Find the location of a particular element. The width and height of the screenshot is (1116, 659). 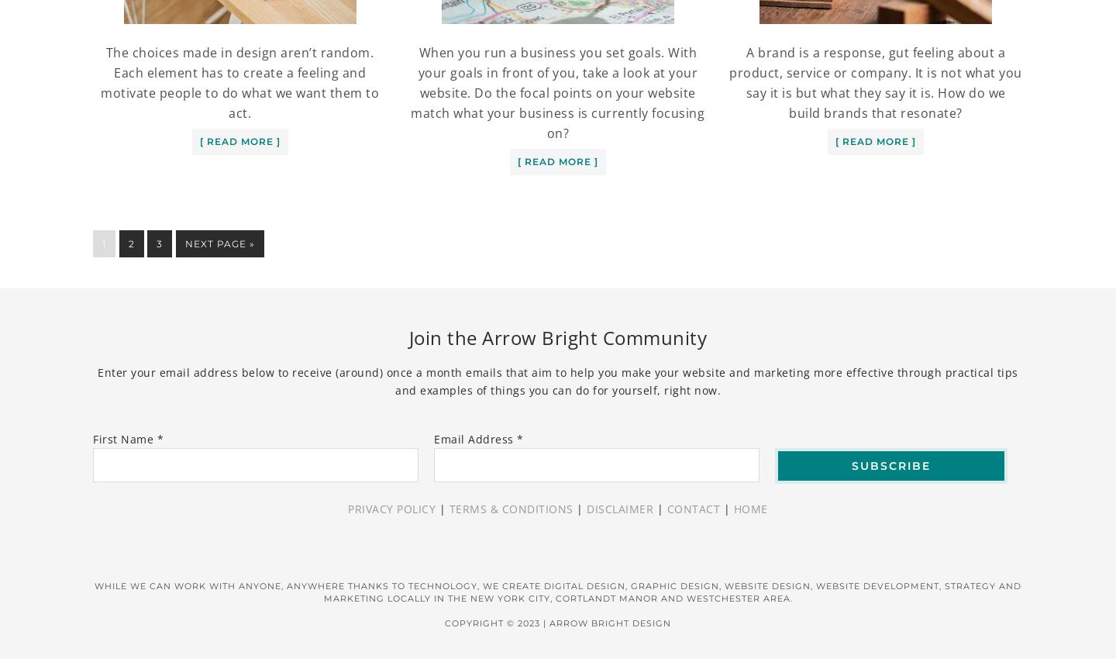

'Copyright © 2023 | Arrow Bright Design' is located at coordinates (558, 623).